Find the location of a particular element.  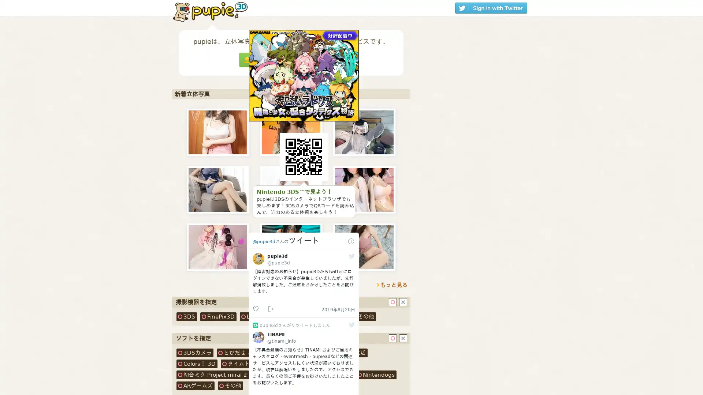

Project mirai 2 is located at coordinates (212, 375).